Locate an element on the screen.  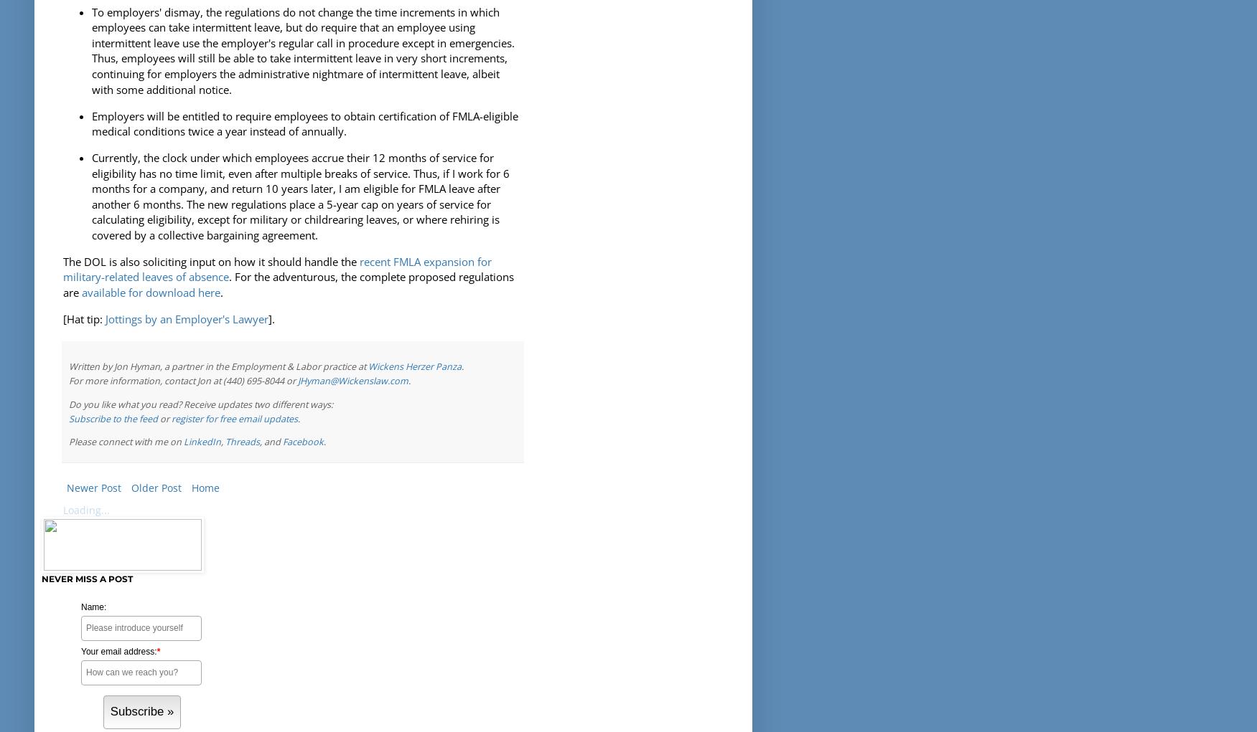
'or' is located at coordinates (164, 417).